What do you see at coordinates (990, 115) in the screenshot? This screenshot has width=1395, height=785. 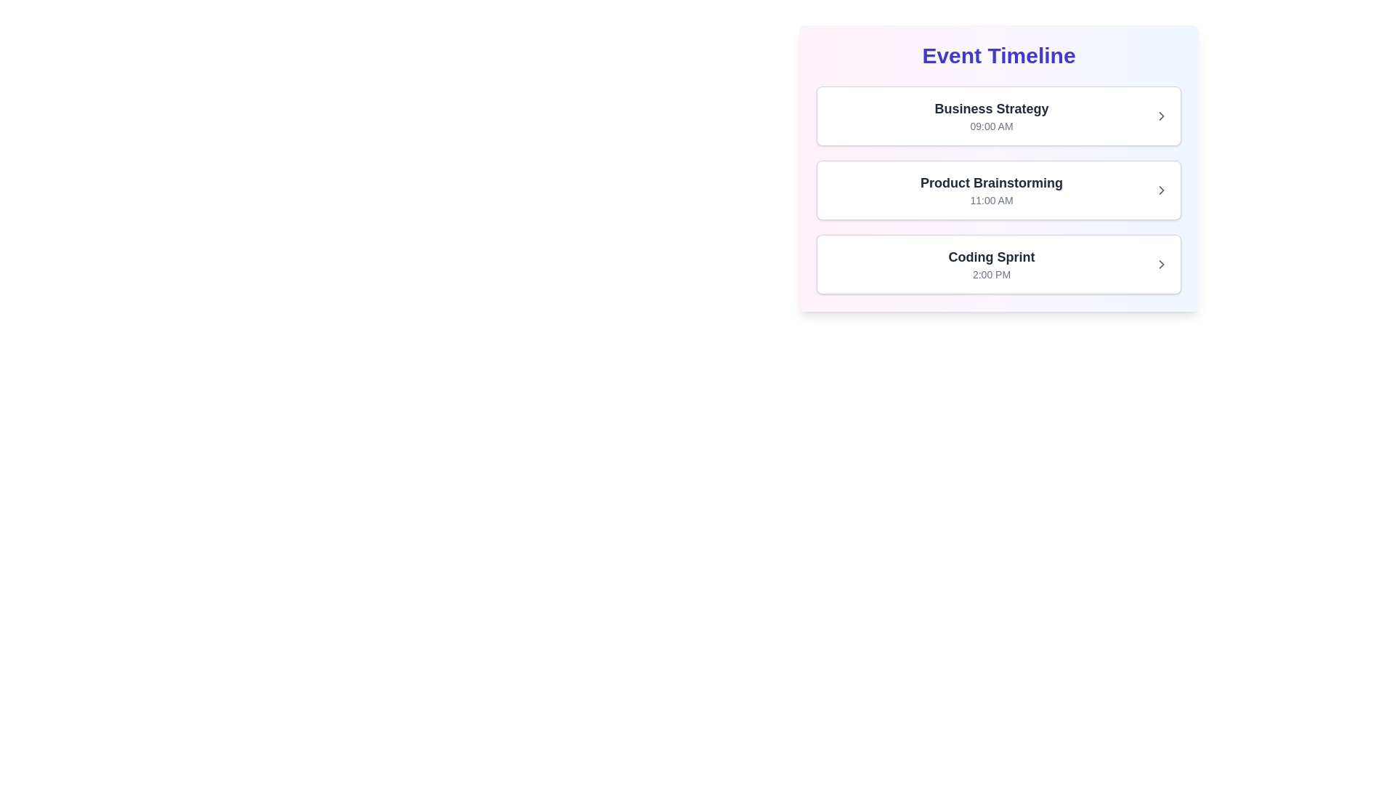 I see `the first list item in the 'Event Timeline'` at bounding box center [990, 115].